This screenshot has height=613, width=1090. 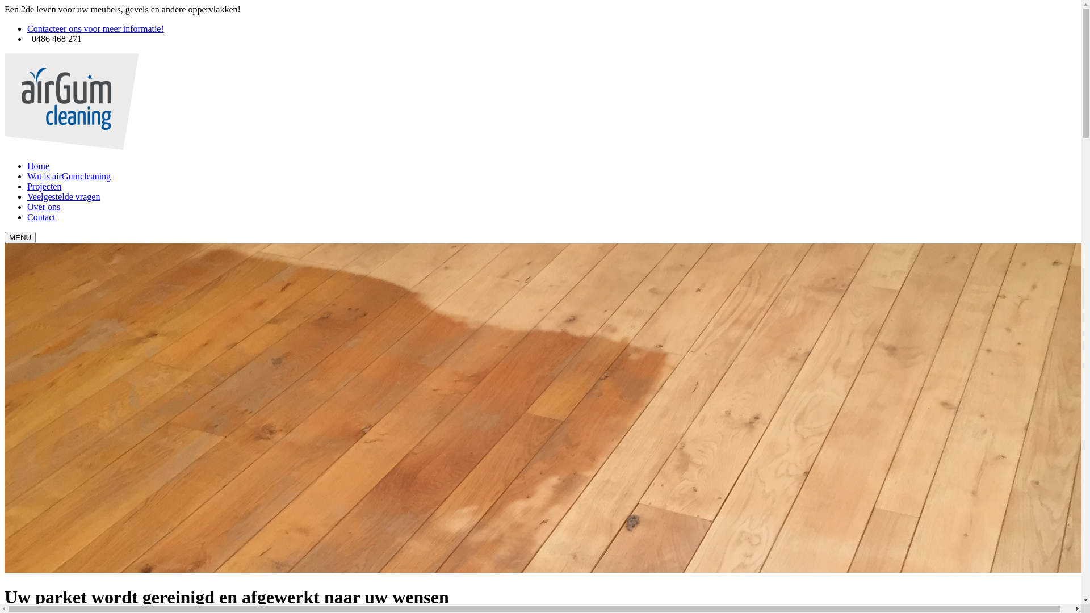 I want to click on 'Projecten', so click(x=27, y=186).